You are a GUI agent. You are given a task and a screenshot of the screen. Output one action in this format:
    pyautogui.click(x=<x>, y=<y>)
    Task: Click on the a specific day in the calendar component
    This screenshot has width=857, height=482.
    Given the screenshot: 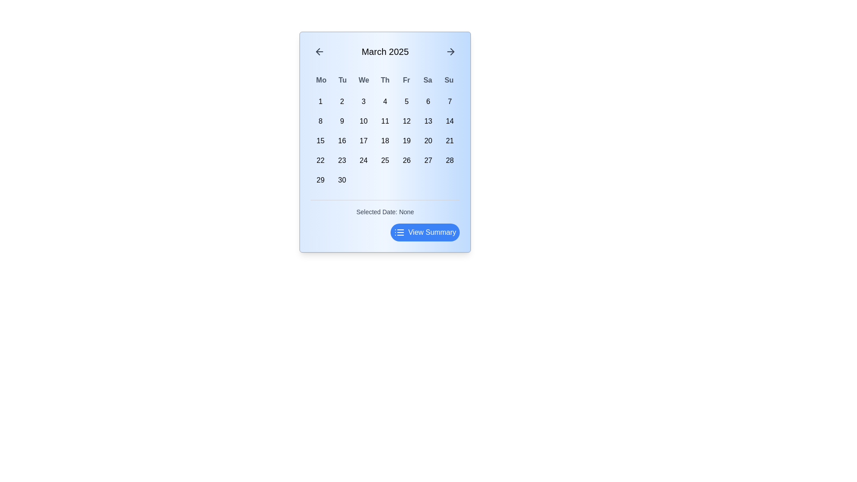 What is the action you would take?
    pyautogui.click(x=385, y=141)
    